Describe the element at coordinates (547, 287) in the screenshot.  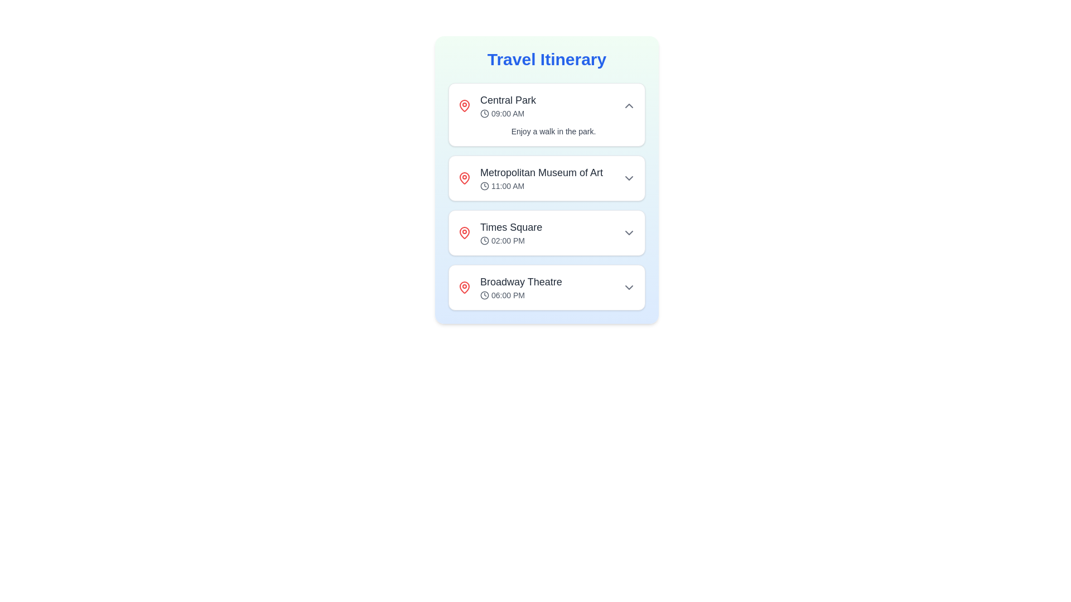
I see `the 'Broadway Theatre' itinerary item, which includes a red map pin icon and an interactive chevron` at that location.